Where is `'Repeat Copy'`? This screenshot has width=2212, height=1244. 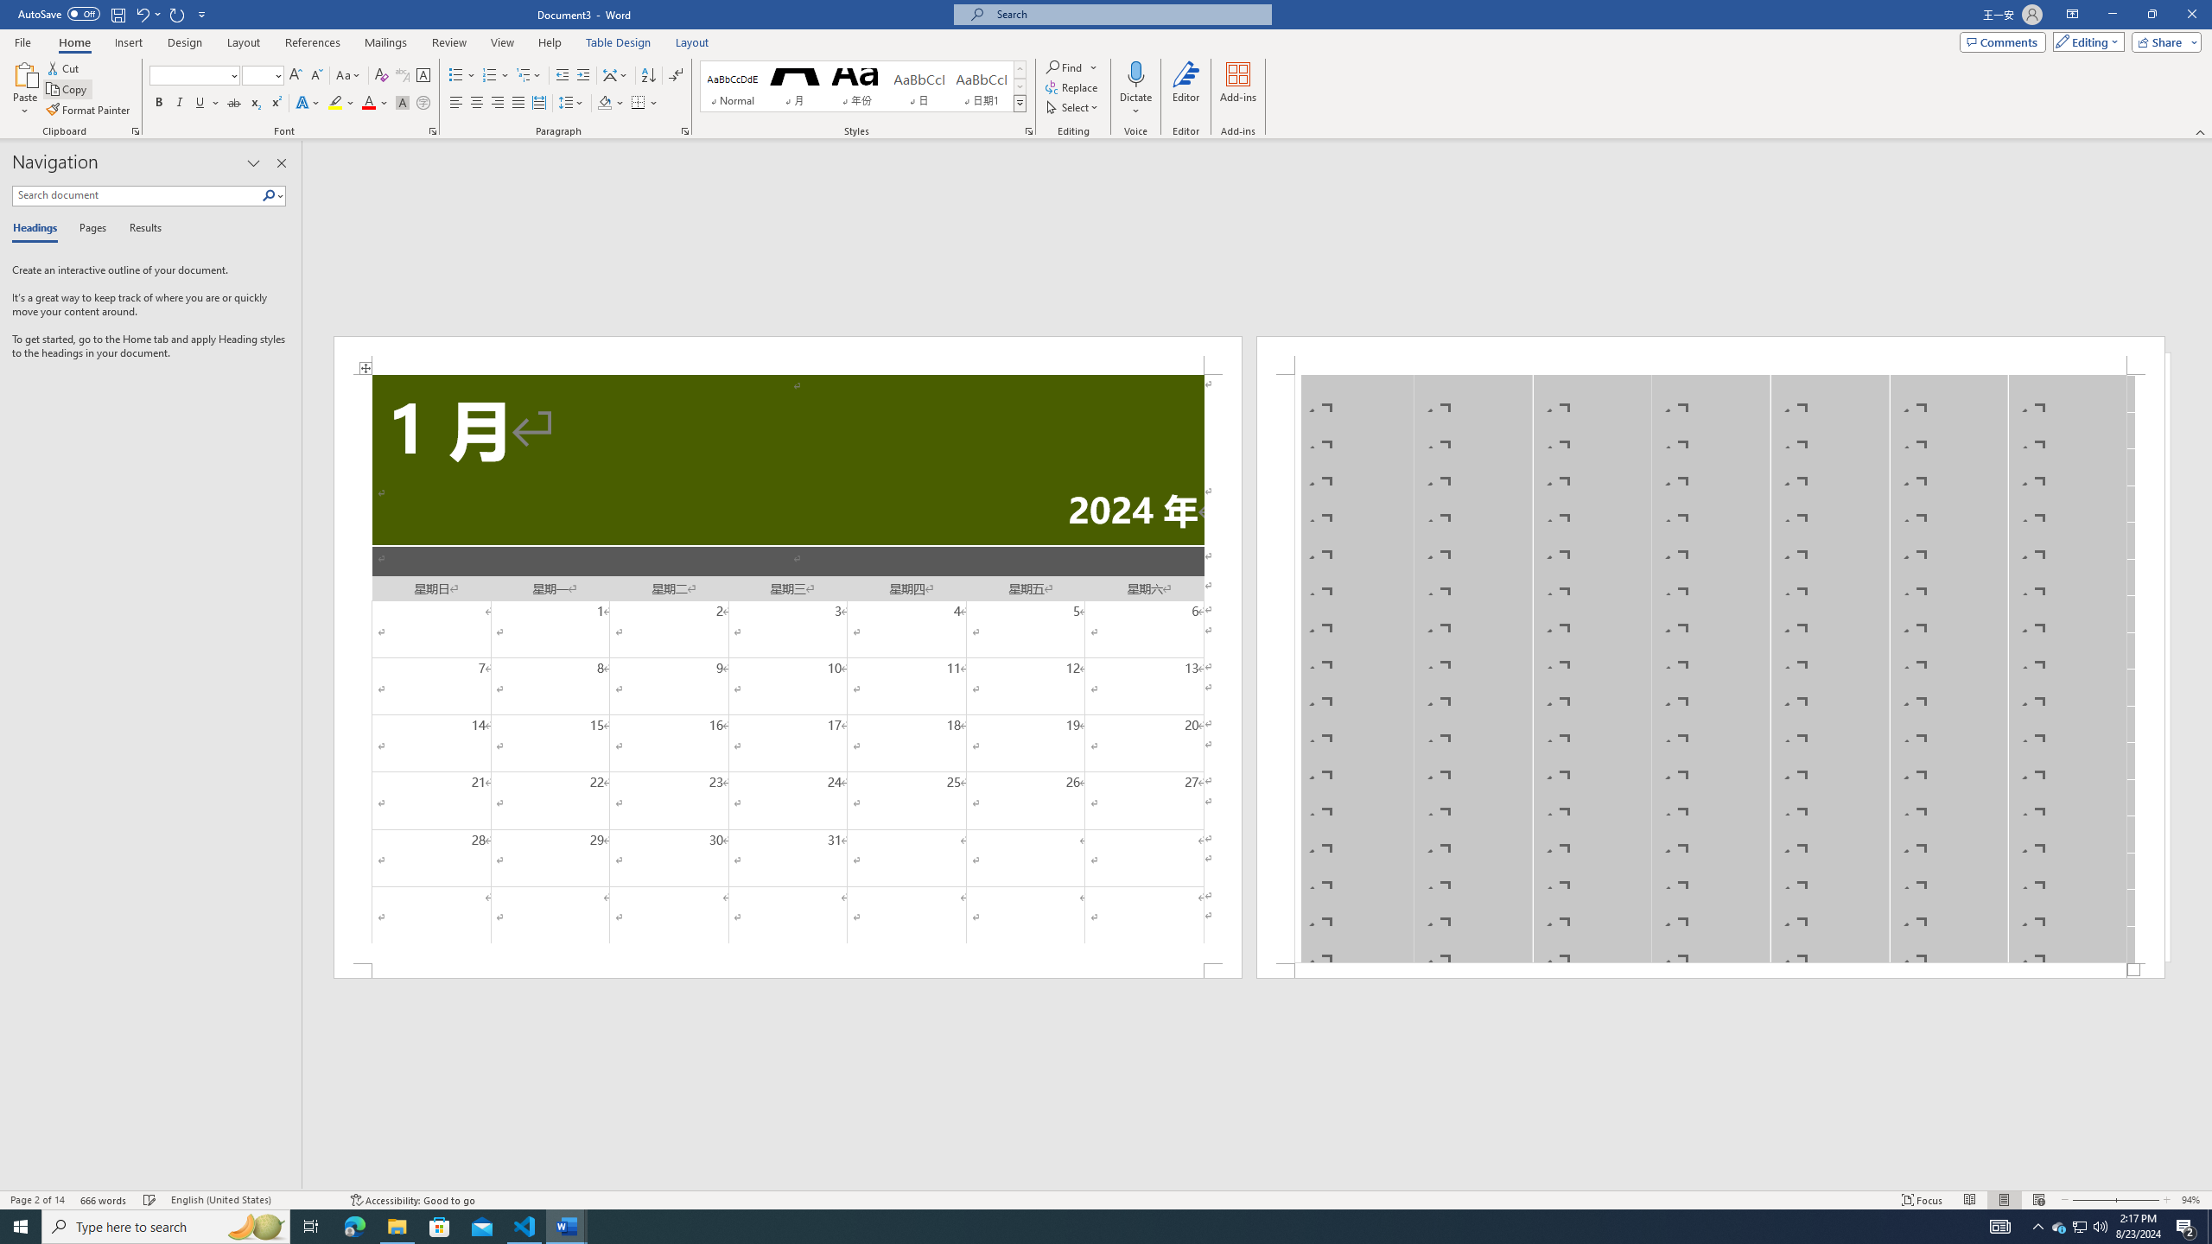 'Repeat Copy' is located at coordinates (177, 13).